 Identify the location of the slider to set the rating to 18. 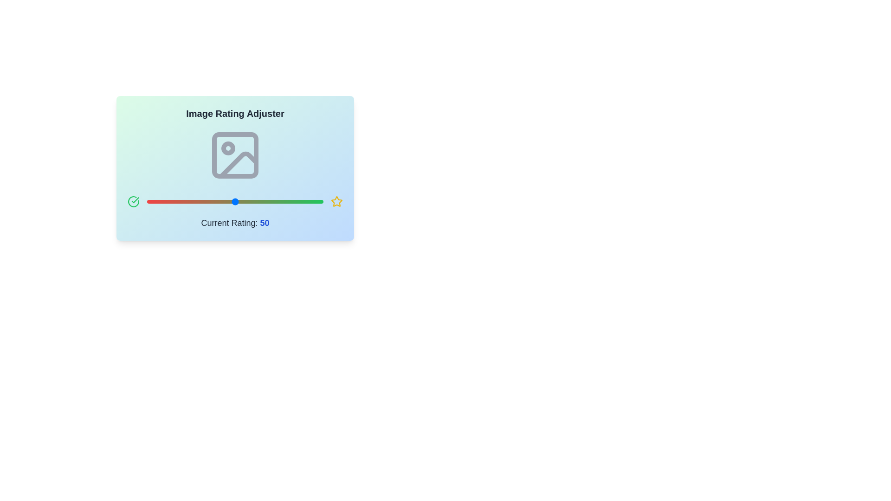
(179, 201).